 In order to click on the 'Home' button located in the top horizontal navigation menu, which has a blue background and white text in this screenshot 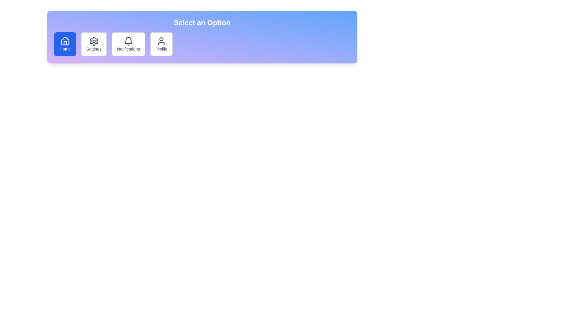, I will do `click(65, 49)`.